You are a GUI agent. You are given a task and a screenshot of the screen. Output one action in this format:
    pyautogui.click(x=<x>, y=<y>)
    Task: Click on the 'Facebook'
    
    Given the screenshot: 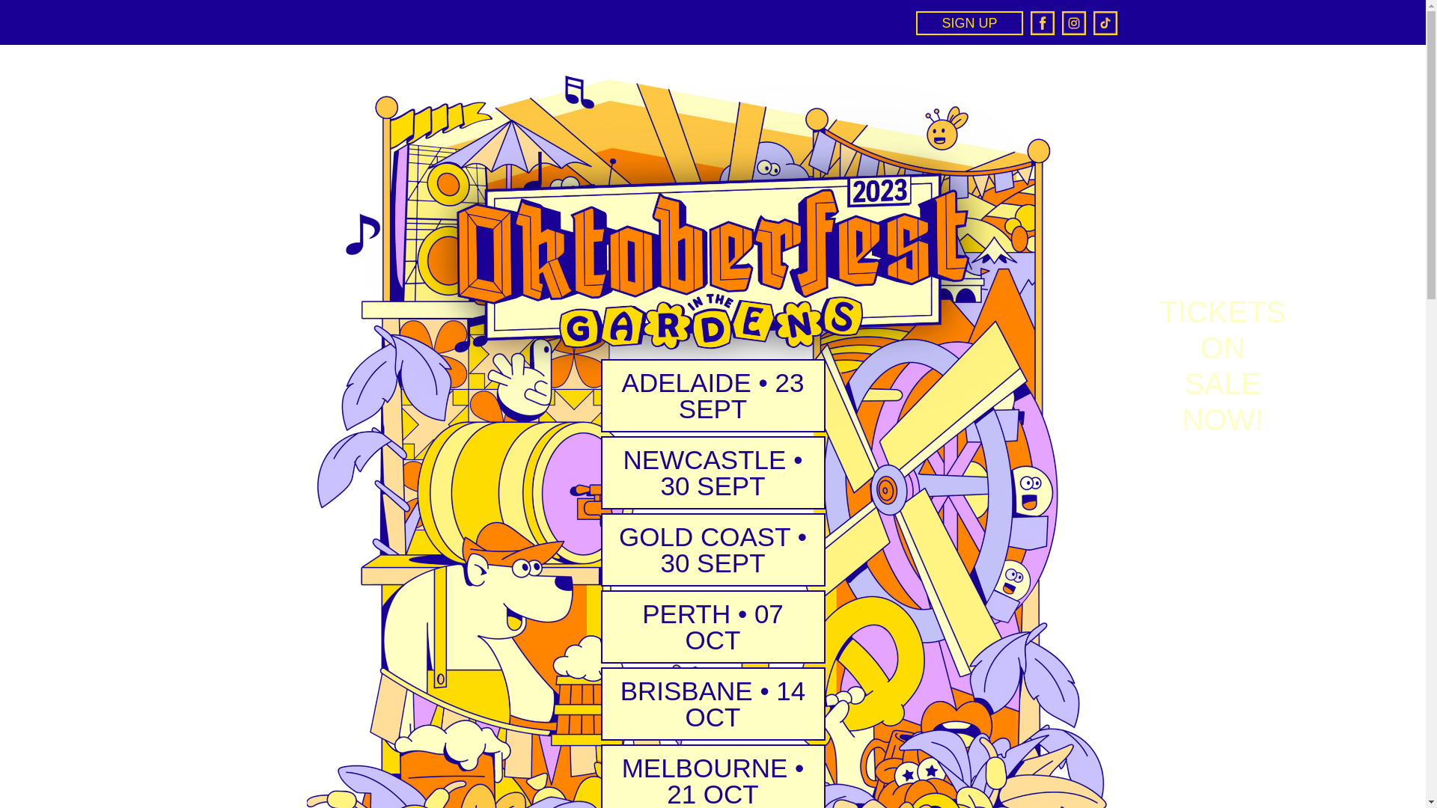 What is the action you would take?
    pyautogui.click(x=1041, y=22)
    